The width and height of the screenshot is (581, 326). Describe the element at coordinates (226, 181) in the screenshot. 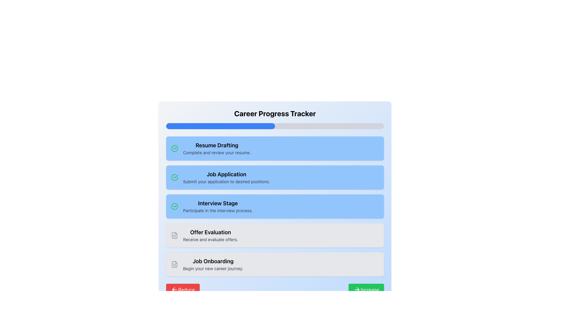

I see `the static text element that contains the message 'Submit your application to desired positions.' which is styled in gray and positioned below the 'Job Application' heading` at that location.